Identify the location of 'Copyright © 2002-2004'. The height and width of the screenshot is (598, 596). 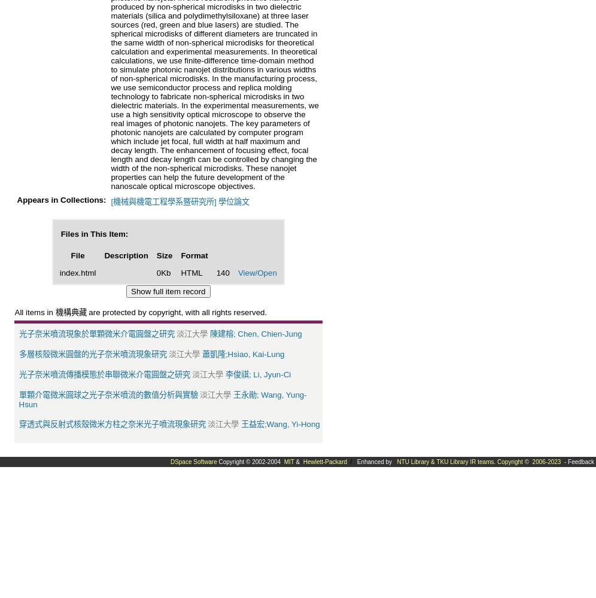
(250, 461).